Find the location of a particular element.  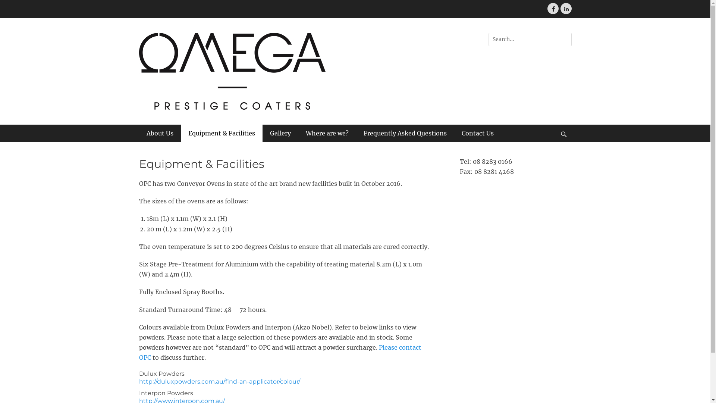

'Frequently Asked Questions' is located at coordinates (404, 133).